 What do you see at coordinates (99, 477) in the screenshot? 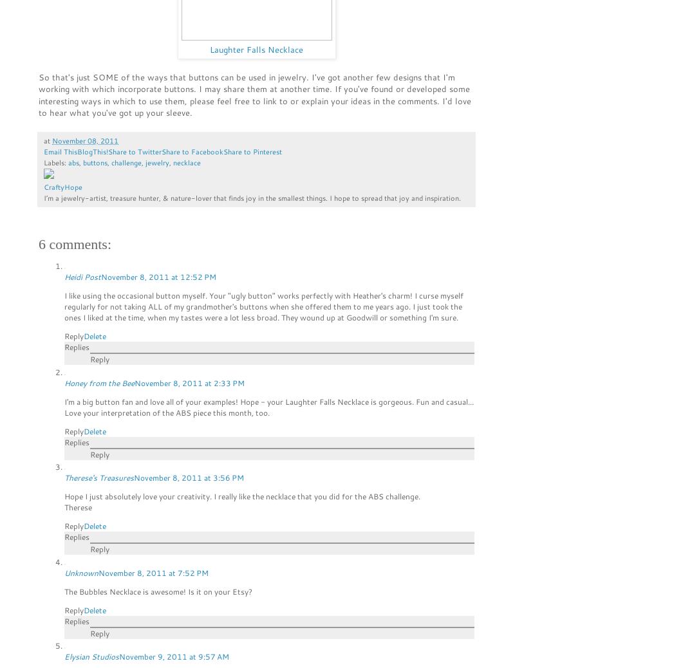
I see `'Therese's Treasures'` at bounding box center [99, 477].